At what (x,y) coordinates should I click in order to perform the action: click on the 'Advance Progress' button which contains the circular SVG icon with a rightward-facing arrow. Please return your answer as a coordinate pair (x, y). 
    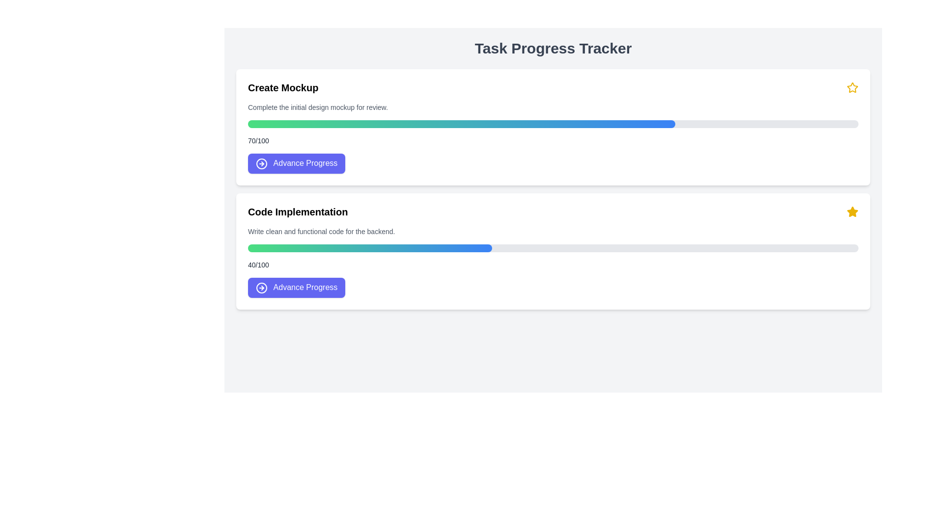
    Looking at the image, I should click on (261, 162).